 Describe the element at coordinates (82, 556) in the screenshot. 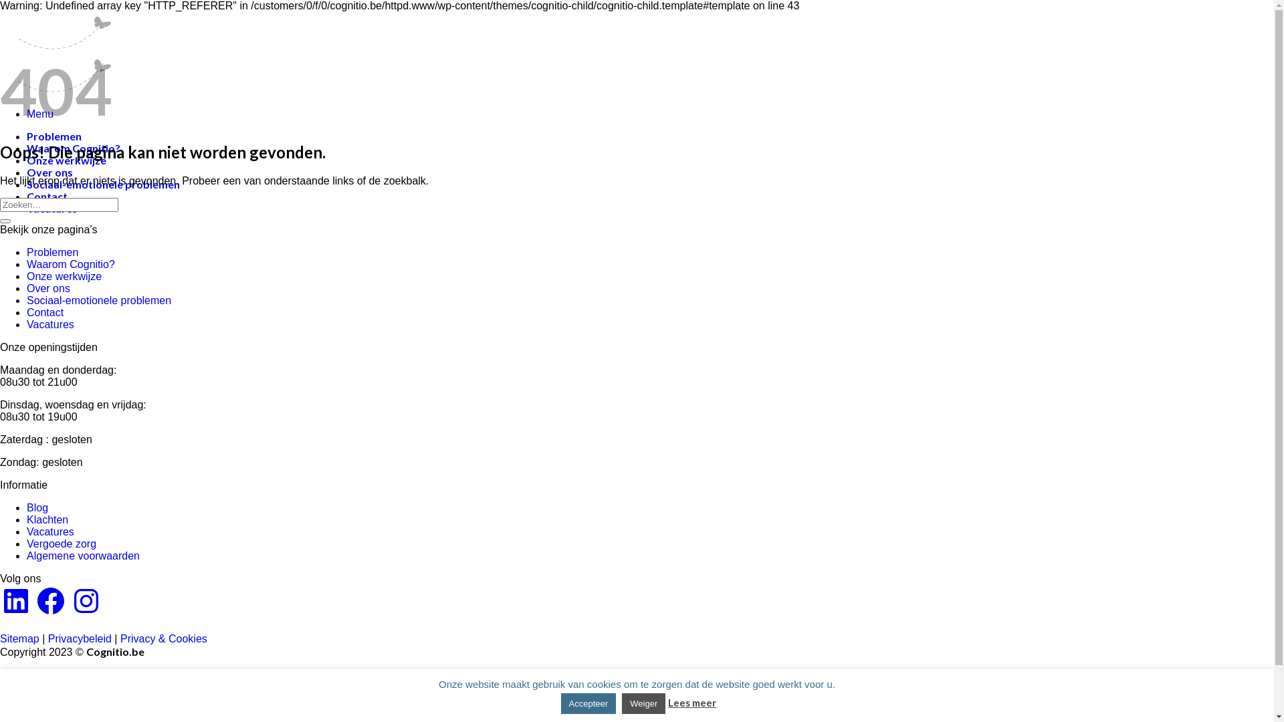

I see `'Algemene voorwaarden'` at that location.